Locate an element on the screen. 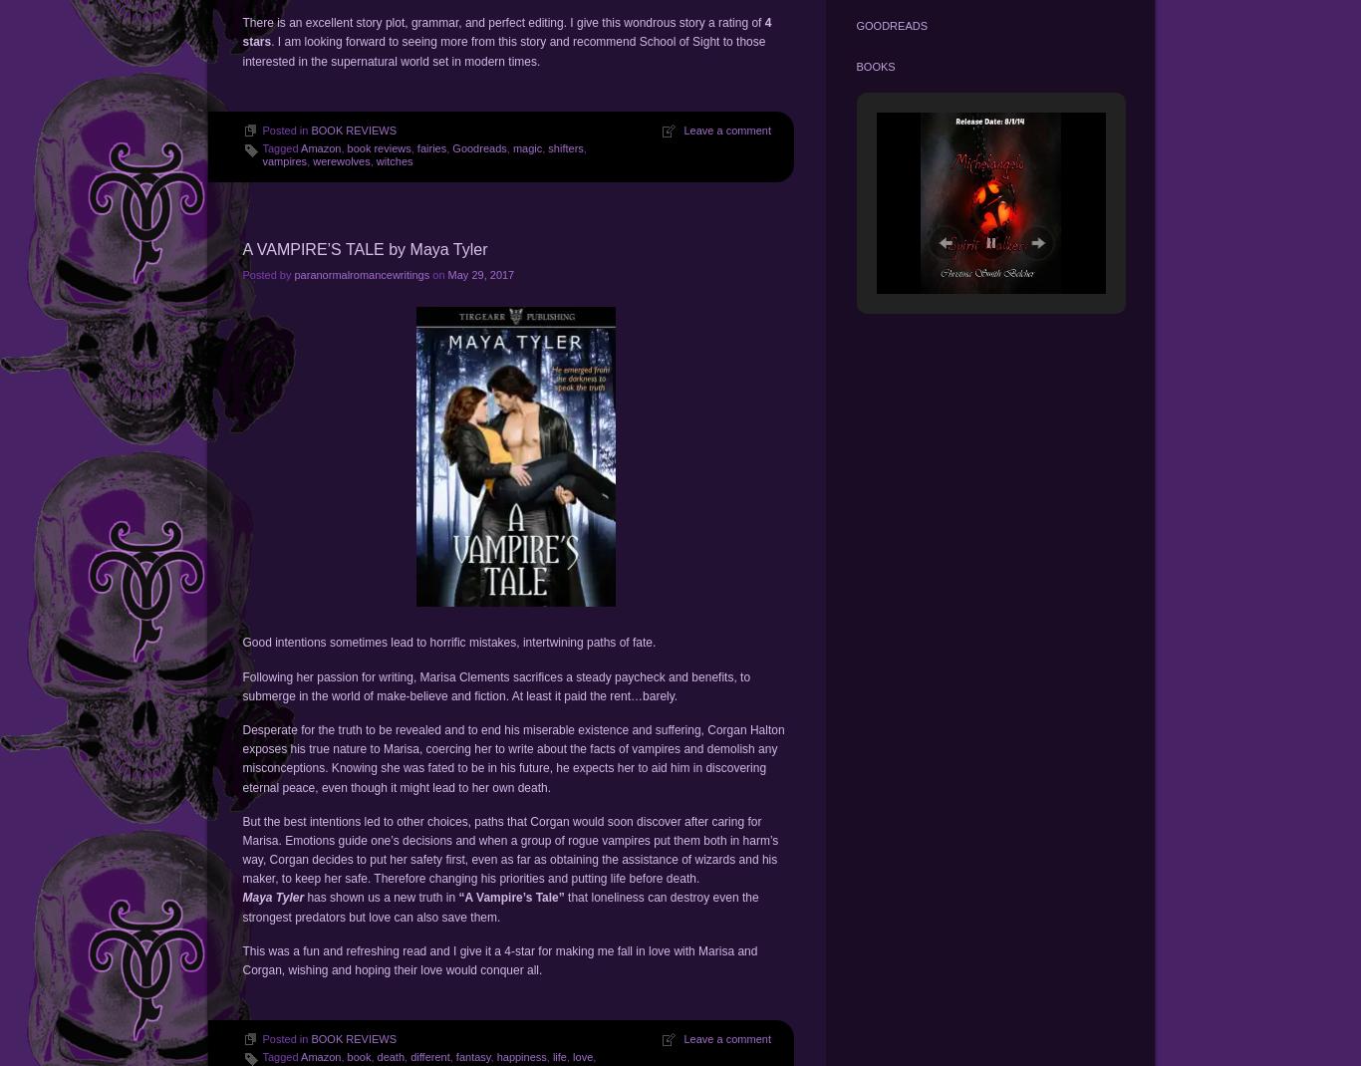  '. I am looking forward to seeing more from this story and recommend School of Sight to those interested in the supernatural world set in modern times.' is located at coordinates (242, 50).